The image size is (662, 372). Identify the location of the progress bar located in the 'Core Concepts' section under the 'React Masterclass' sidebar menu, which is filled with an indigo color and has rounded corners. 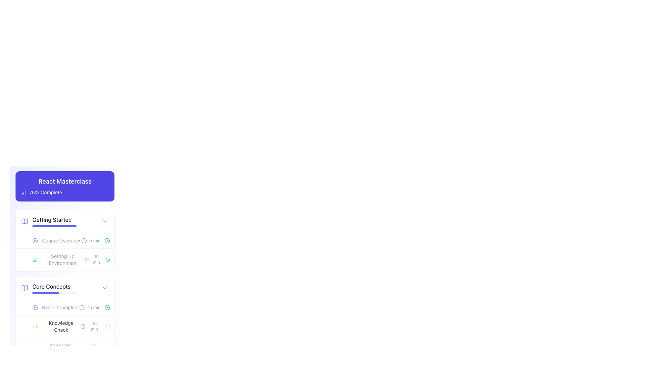
(45, 293).